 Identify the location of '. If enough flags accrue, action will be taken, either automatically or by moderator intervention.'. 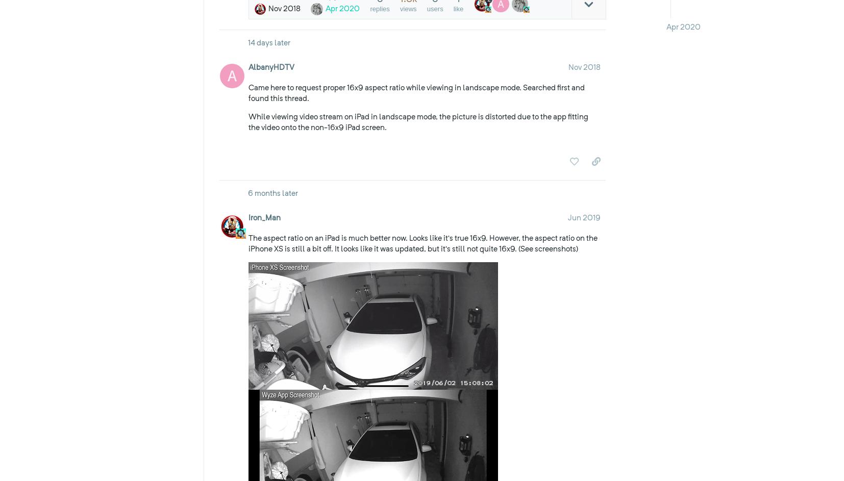
(491, 190).